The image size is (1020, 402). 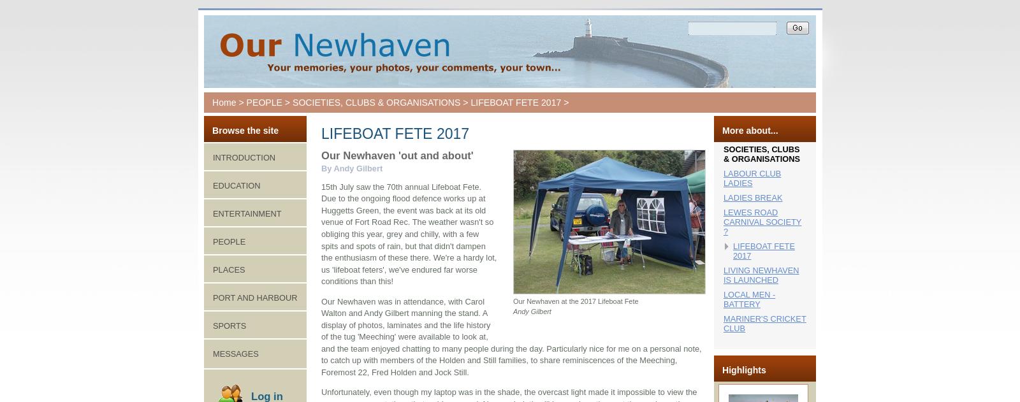 What do you see at coordinates (212, 354) in the screenshot?
I see `'MESSAGES'` at bounding box center [212, 354].